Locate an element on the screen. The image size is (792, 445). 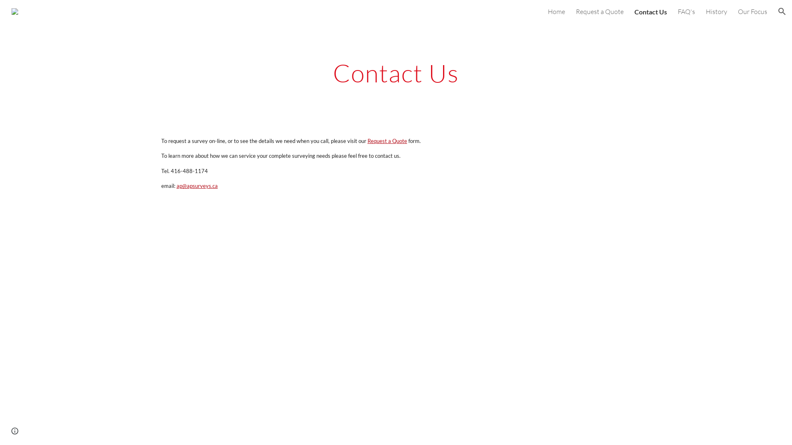
'Home' is located at coordinates (556, 11).